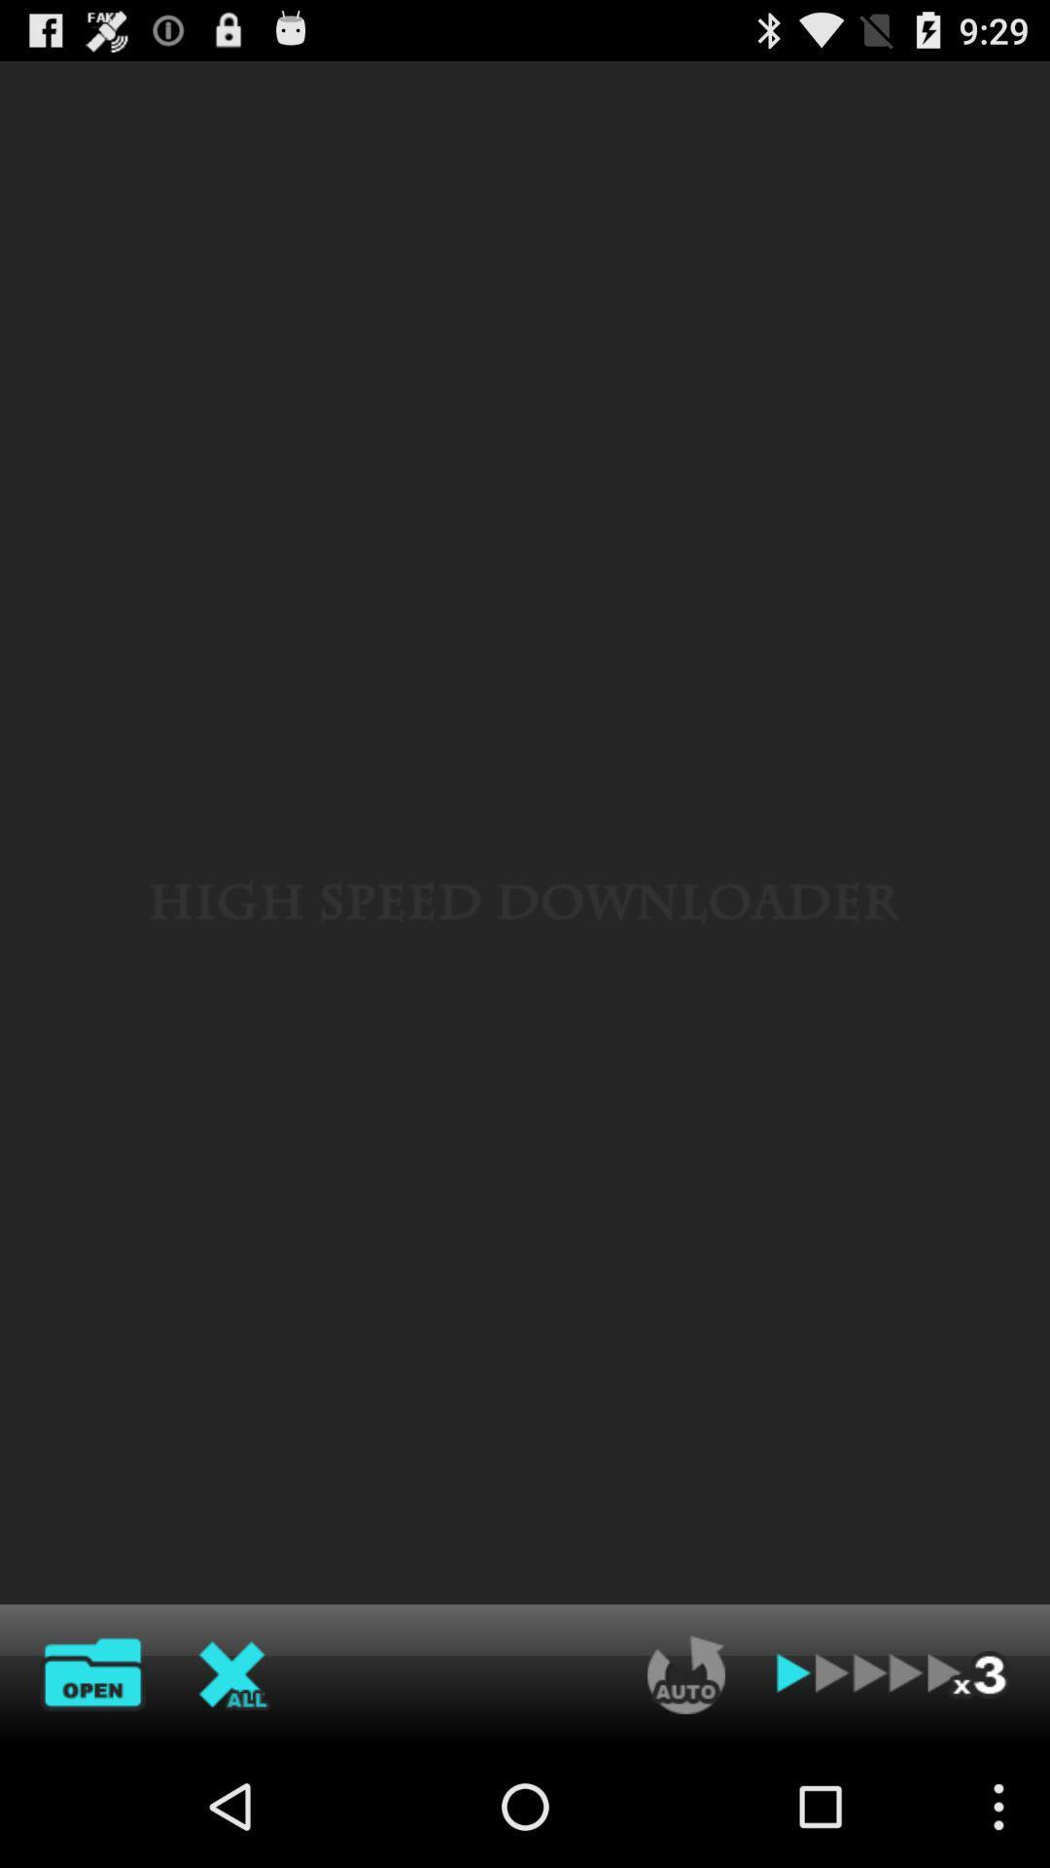  I want to click on close option, so click(233, 1673).